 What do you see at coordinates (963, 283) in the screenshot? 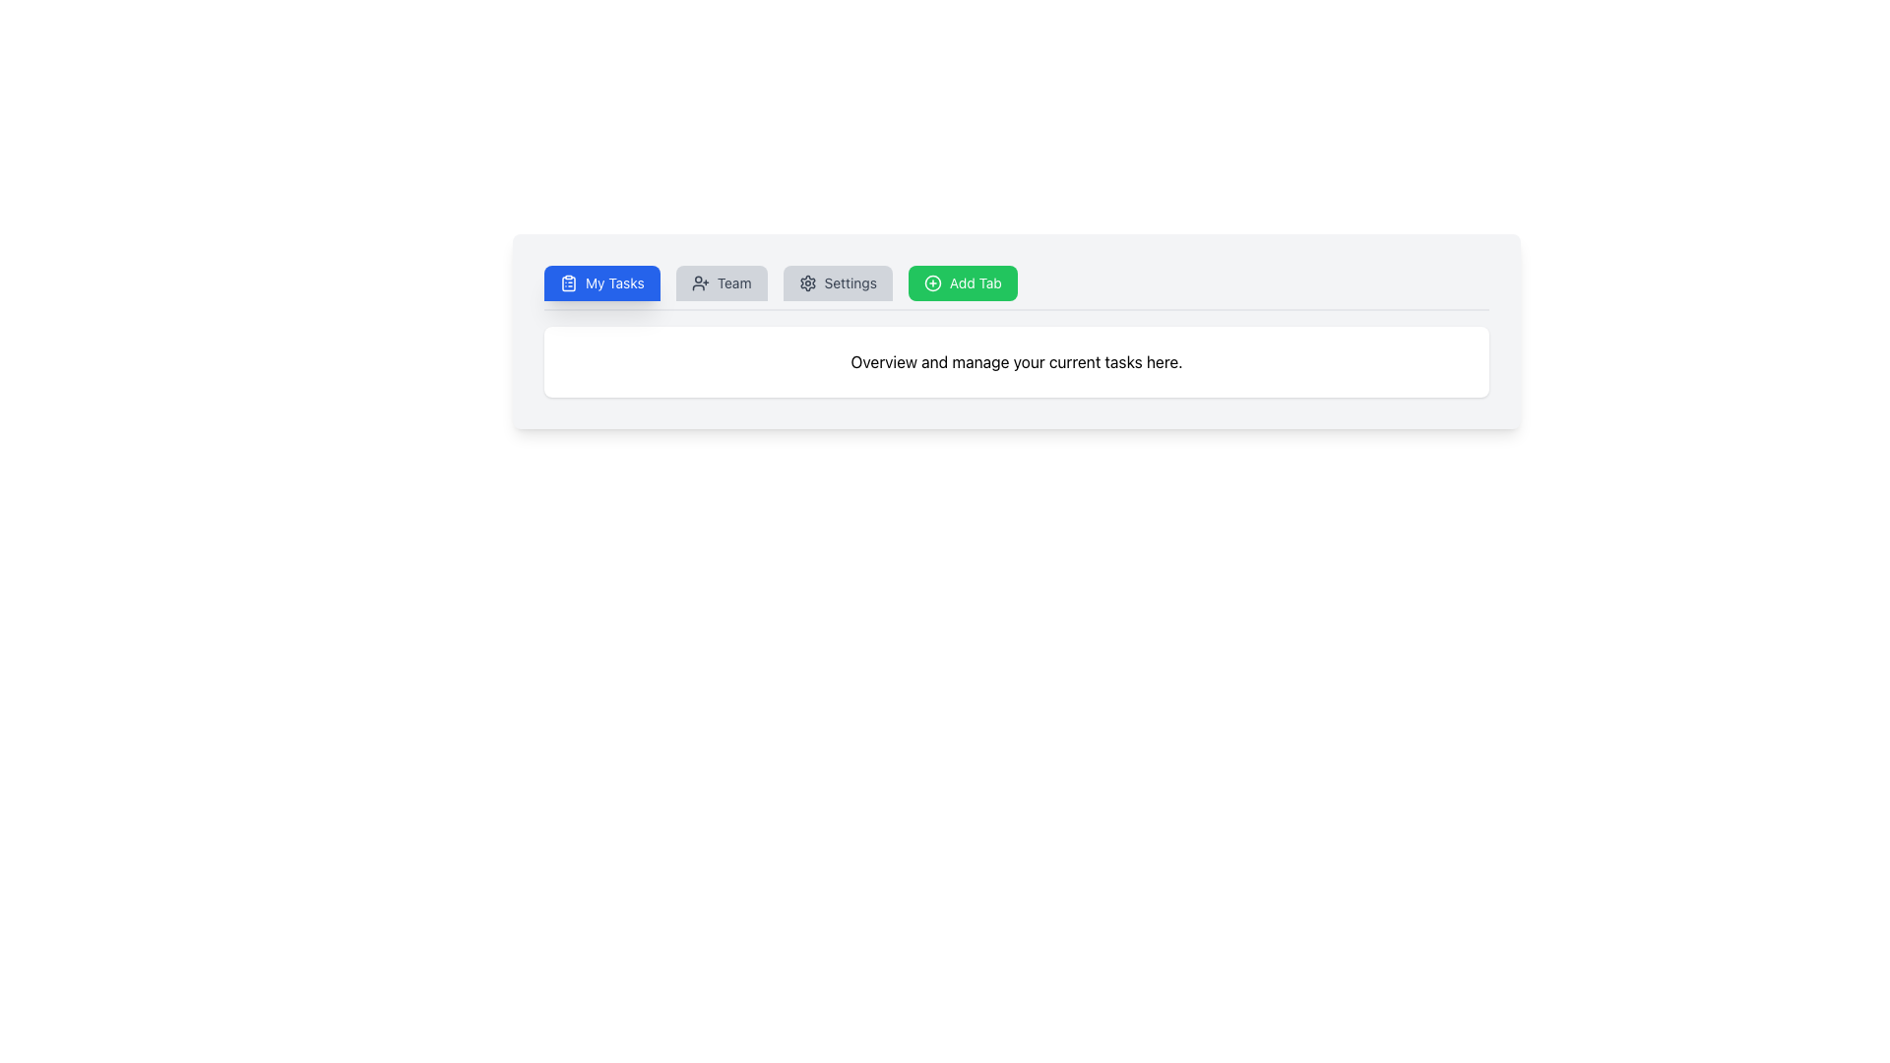
I see `the 'Add Tab' button located on the top navigation bar to the far right, following the 'Settings' button` at bounding box center [963, 283].